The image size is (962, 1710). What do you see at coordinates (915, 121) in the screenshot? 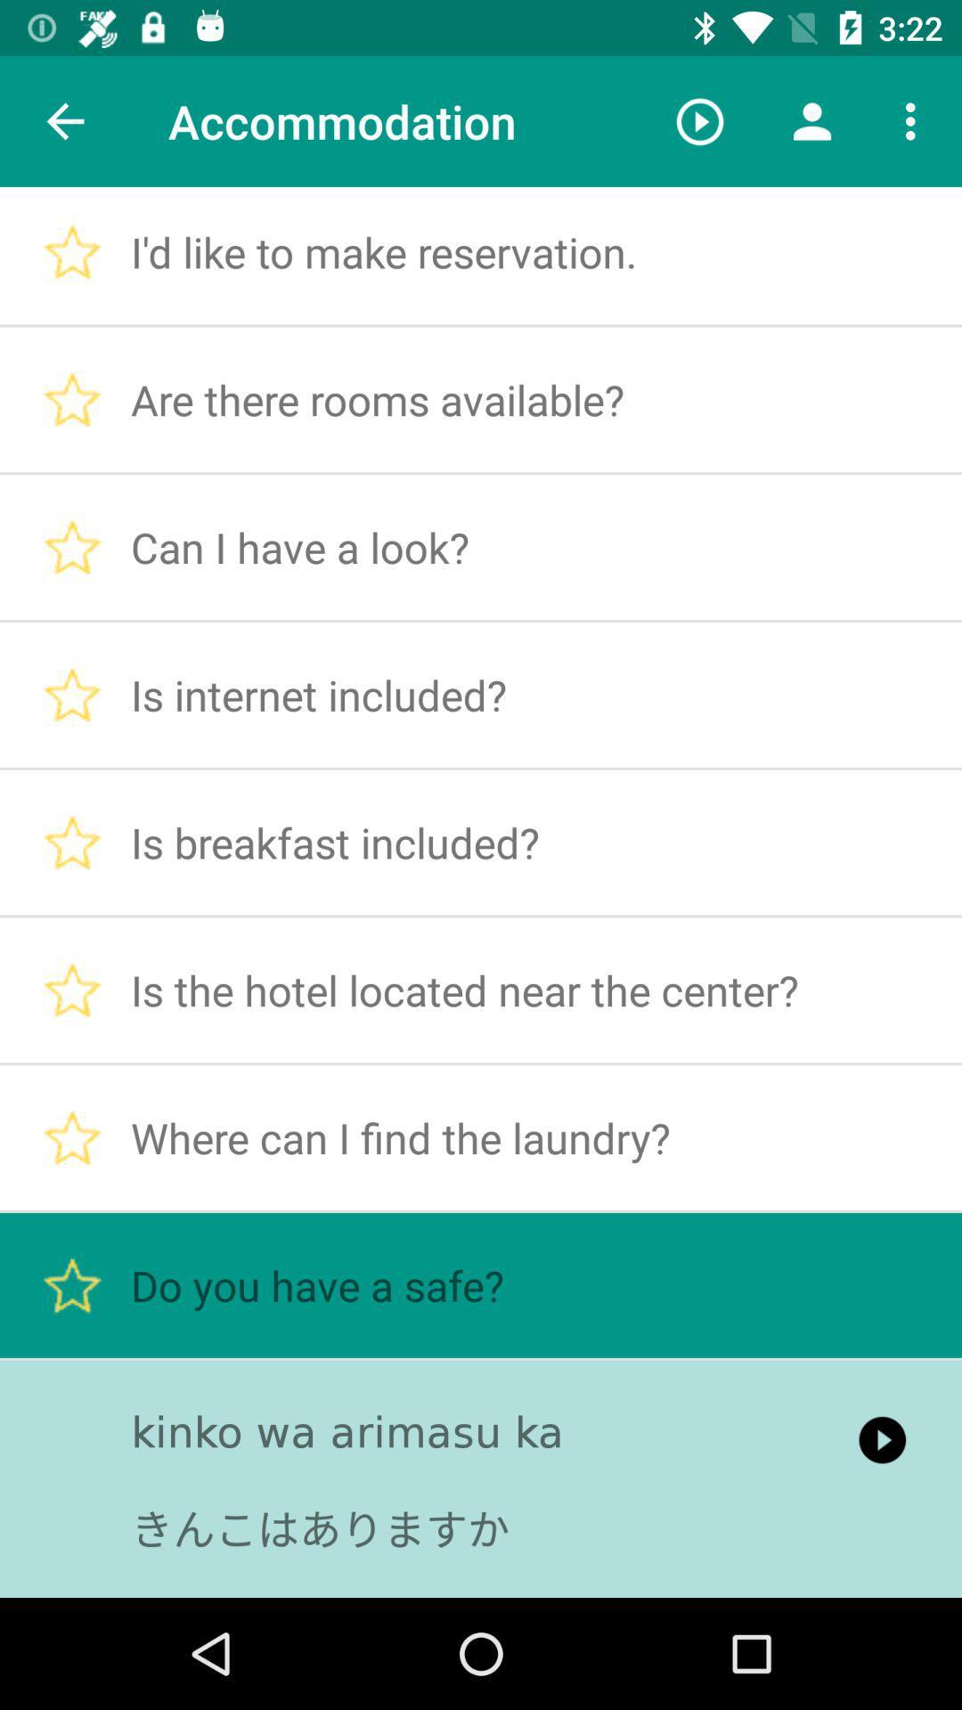
I see `menu` at bounding box center [915, 121].